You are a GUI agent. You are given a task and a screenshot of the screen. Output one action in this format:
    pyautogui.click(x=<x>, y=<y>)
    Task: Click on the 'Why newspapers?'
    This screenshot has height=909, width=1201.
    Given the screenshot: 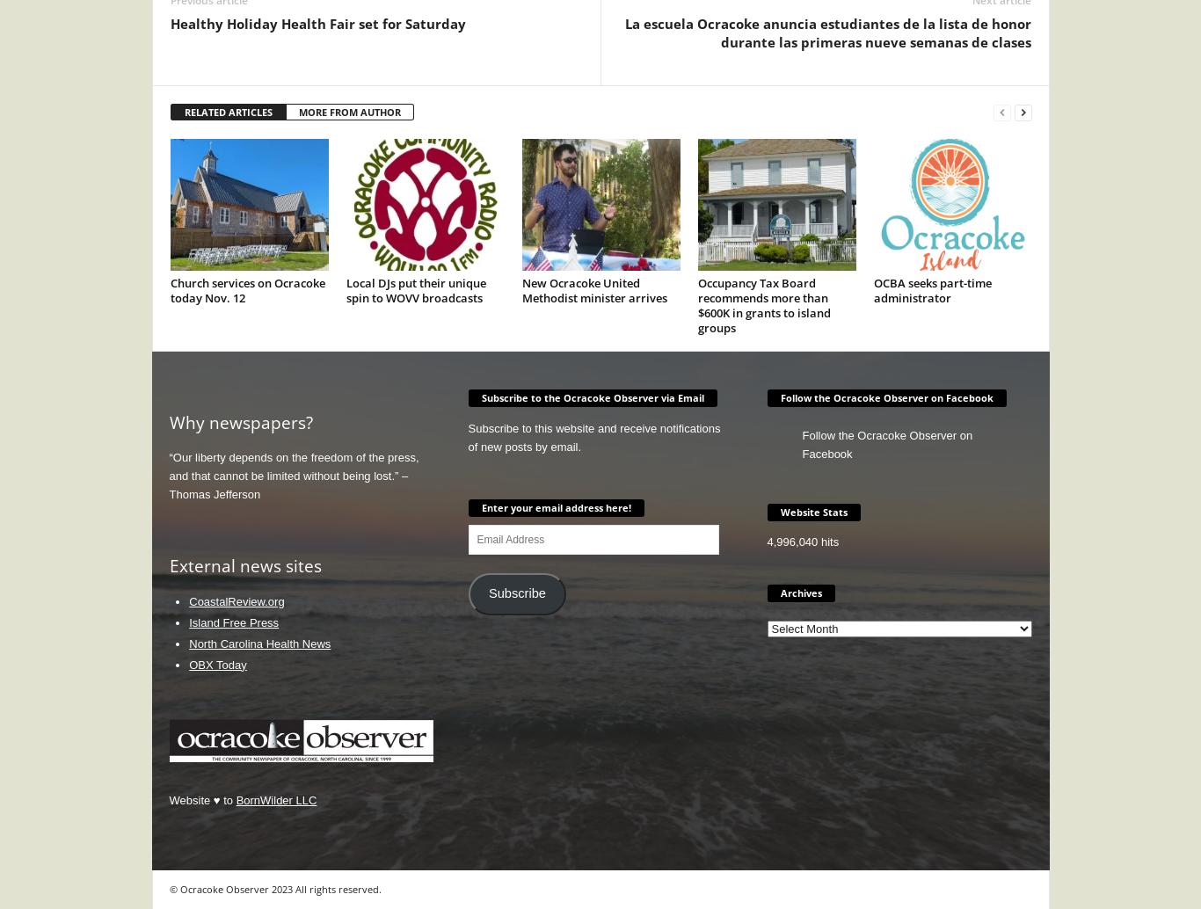 What is the action you would take?
    pyautogui.click(x=240, y=420)
    